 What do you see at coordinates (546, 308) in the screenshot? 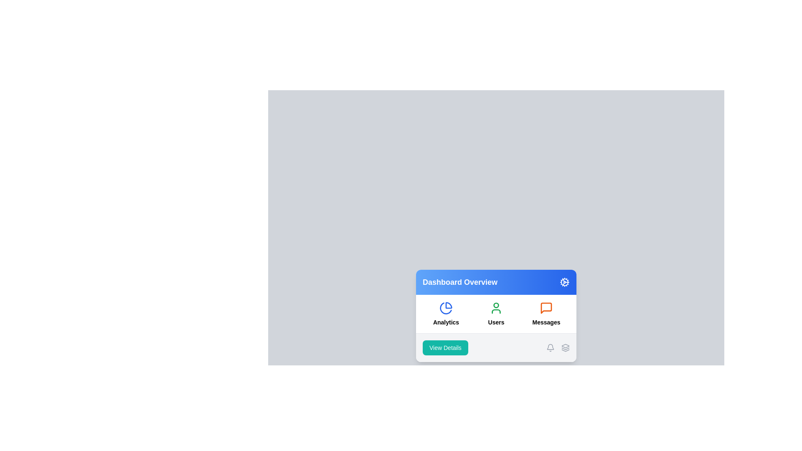
I see `the orange chat message bubble icon representing 'Messages' within the 'Dashboard Overview' card` at bounding box center [546, 308].